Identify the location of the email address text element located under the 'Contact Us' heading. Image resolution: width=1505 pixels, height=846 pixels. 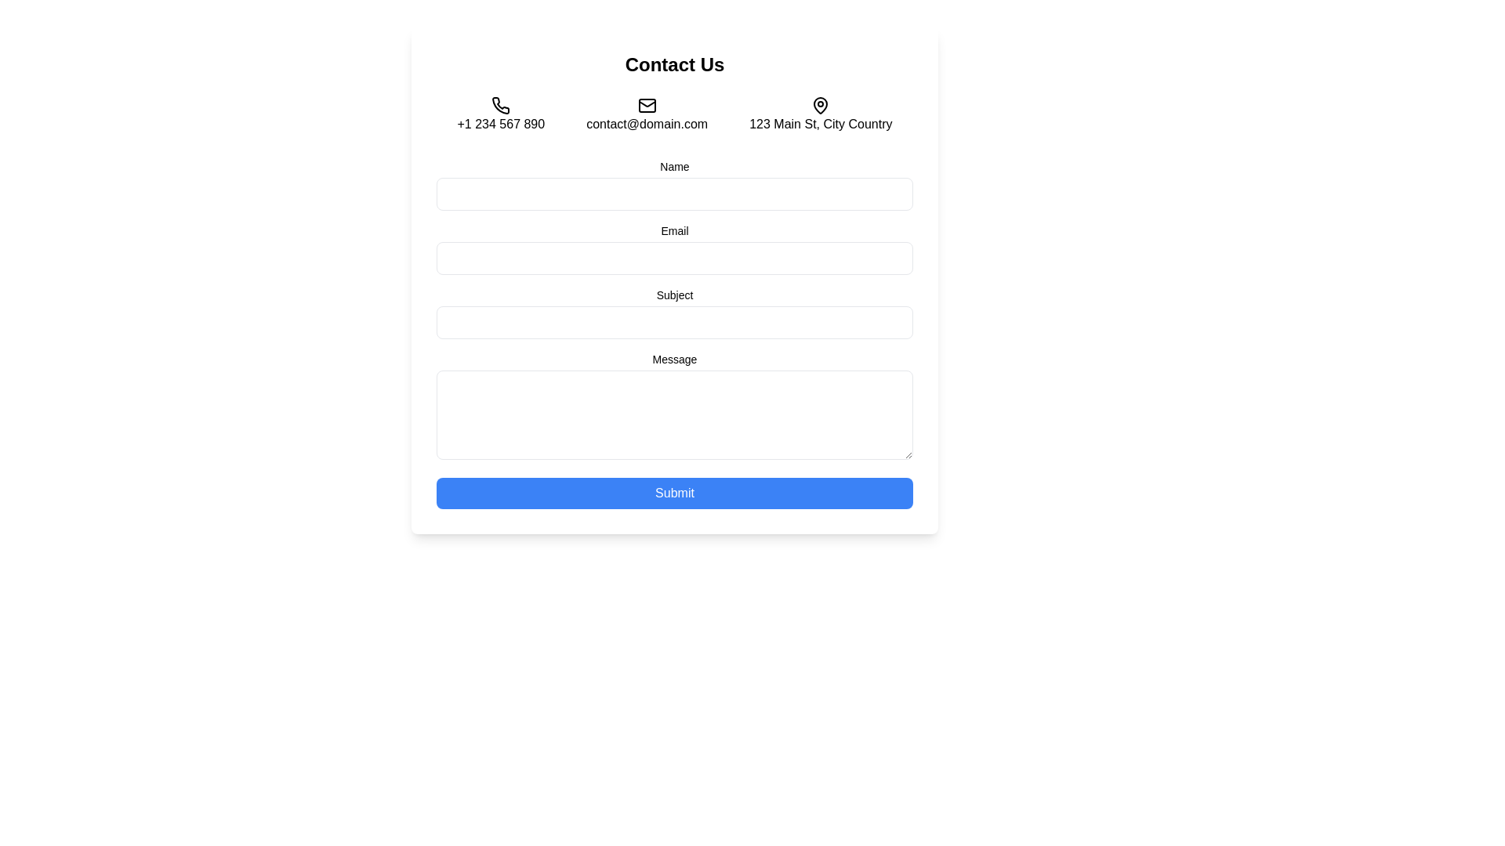
(674, 114).